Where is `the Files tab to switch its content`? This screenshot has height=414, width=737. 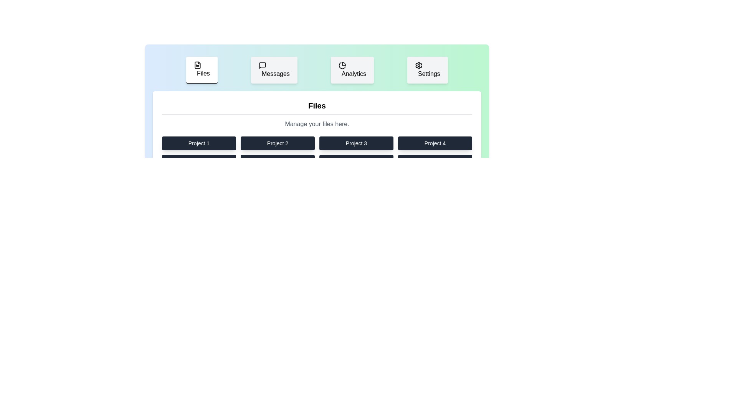
the Files tab to switch its content is located at coordinates (202, 70).